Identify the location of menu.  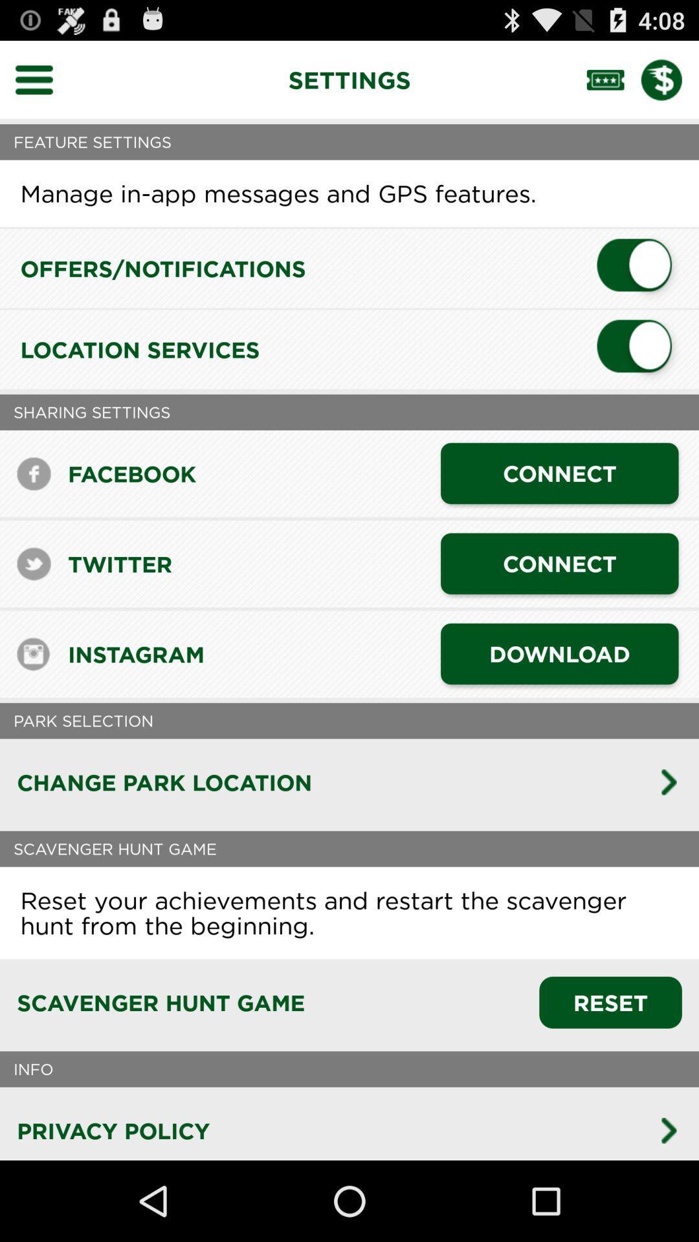
(41, 79).